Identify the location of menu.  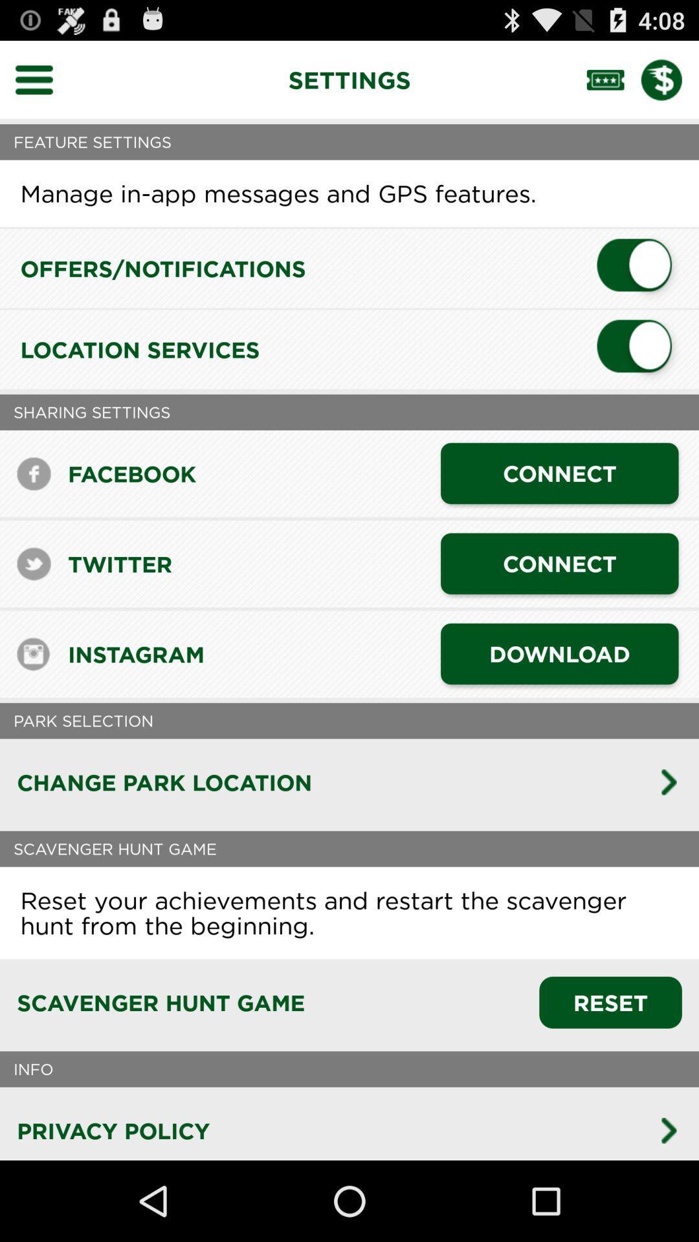
(41, 79).